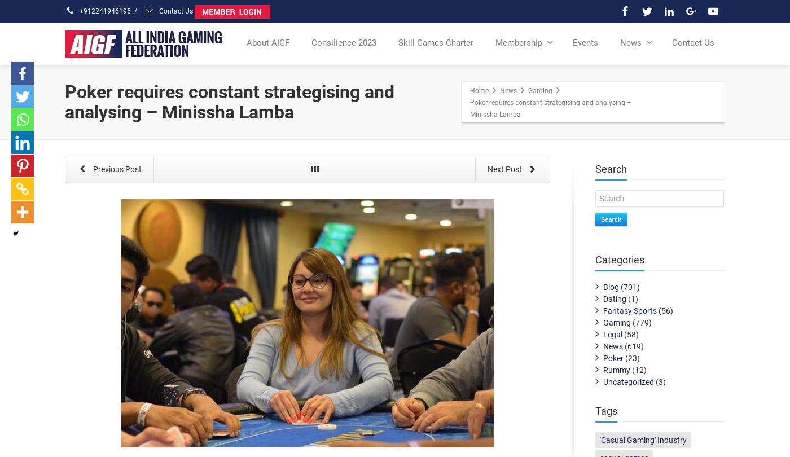 The image size is (790, 457). Describe the element at coordinates (615, 298) in the screenshot. I see `'Dating'` at that location.